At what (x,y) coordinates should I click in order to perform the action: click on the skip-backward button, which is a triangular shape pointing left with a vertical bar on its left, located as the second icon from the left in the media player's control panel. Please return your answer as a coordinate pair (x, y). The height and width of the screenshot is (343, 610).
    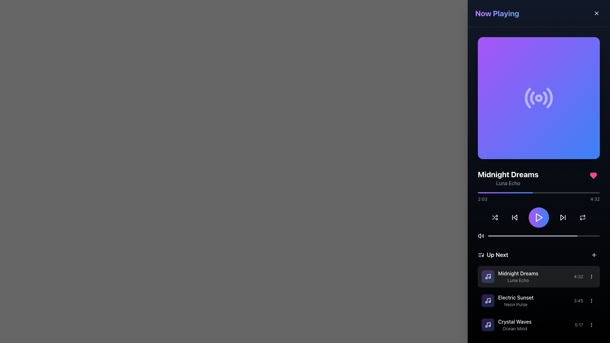
    Looking at the image, I should click on (515, 217).